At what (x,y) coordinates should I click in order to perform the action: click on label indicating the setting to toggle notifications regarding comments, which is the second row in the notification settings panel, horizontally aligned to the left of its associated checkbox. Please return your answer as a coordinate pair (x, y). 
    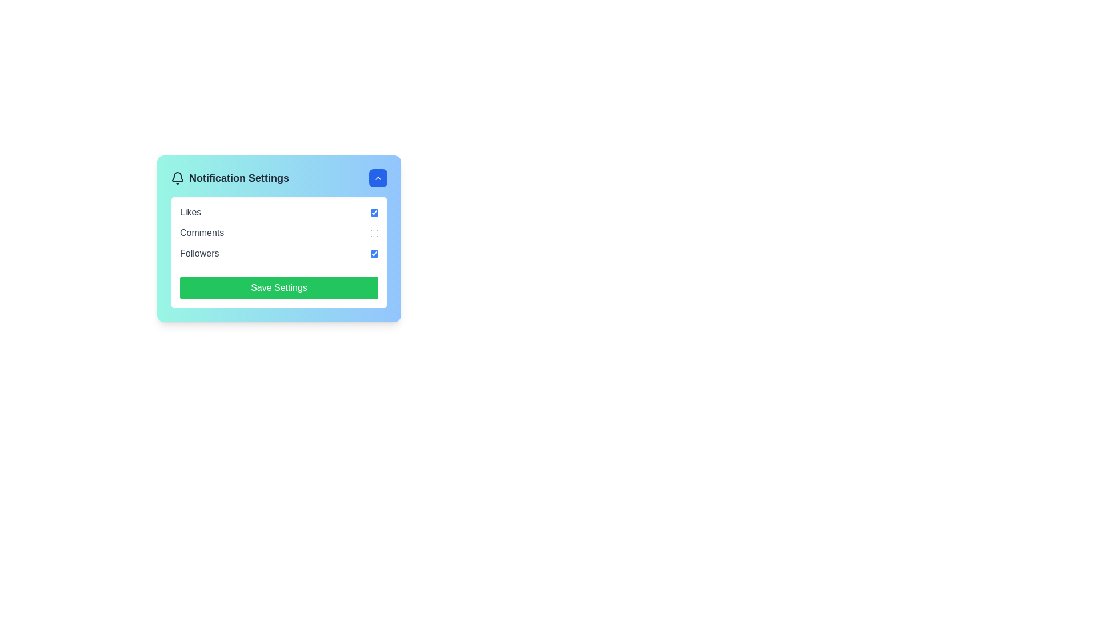
    Looking at the image, I should click on (202, 233).